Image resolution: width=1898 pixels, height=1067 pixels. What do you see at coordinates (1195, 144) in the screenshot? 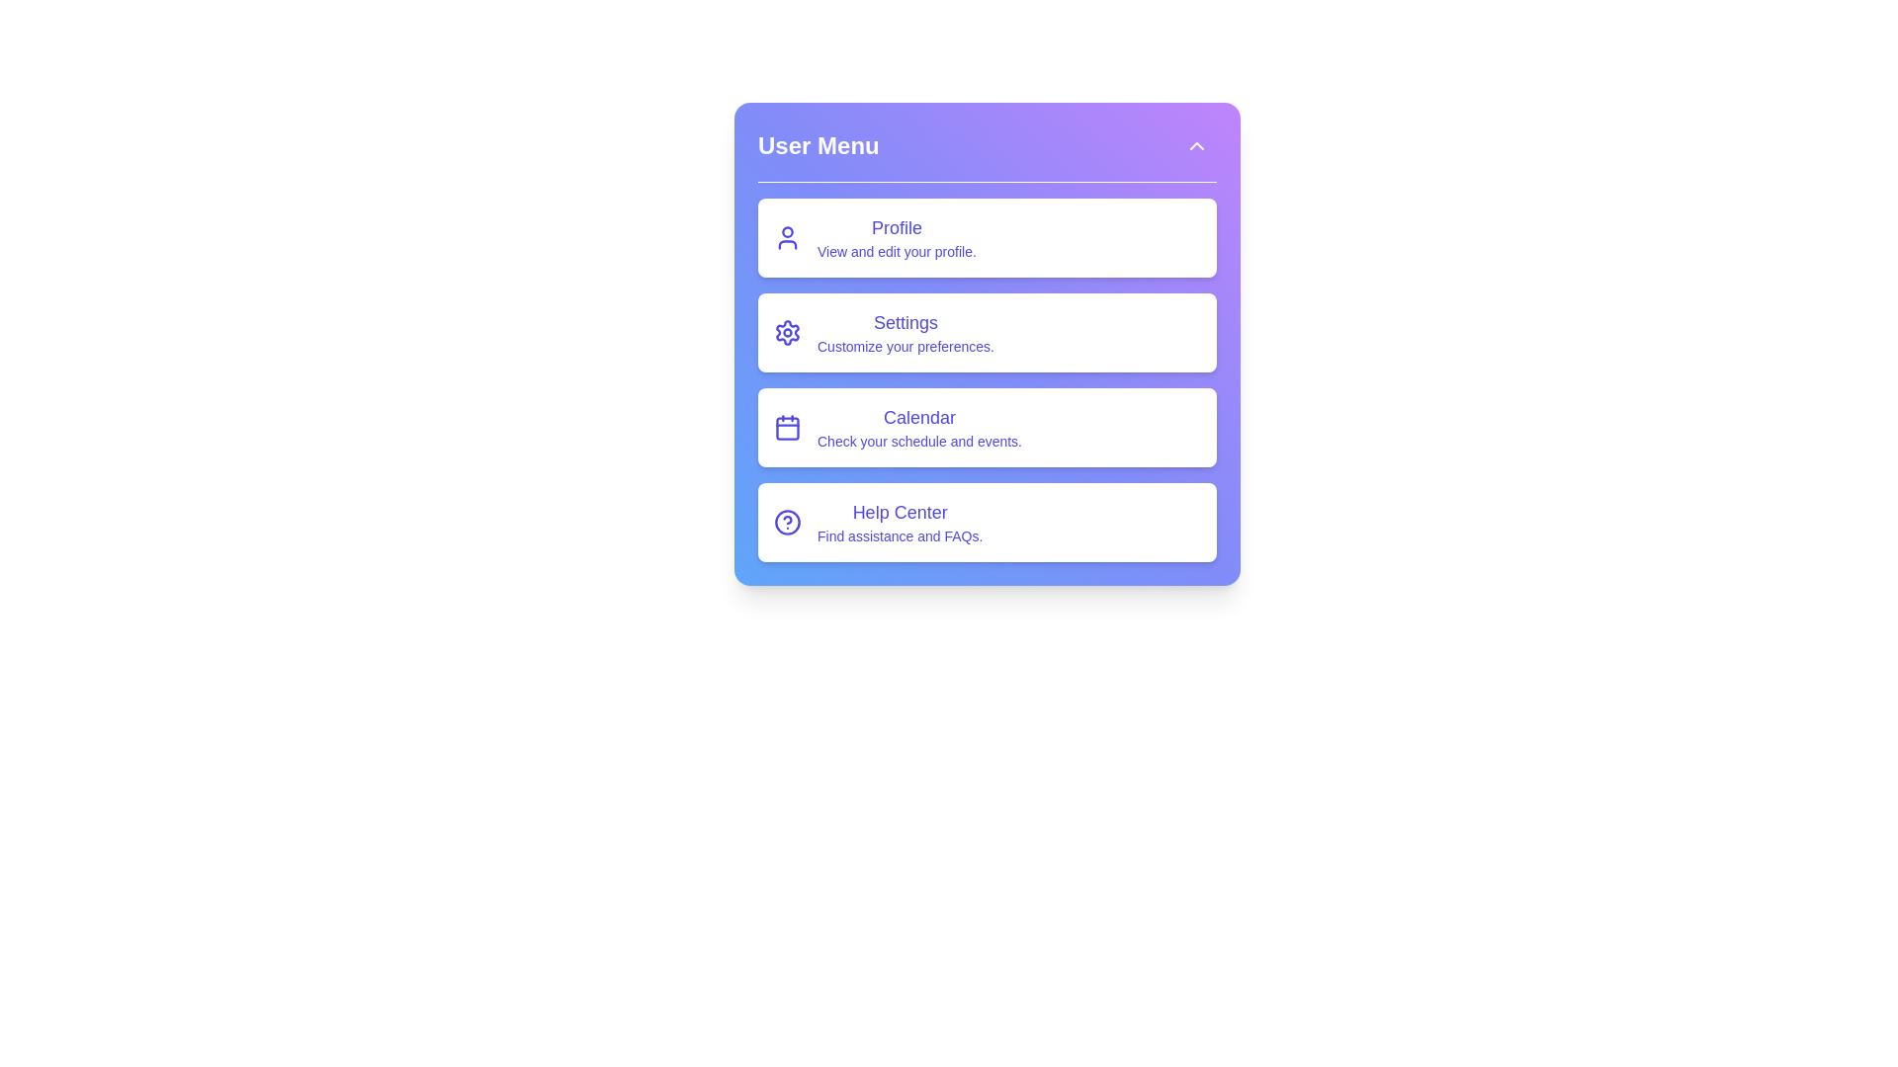
I see `toggle button to expand or collapse the menu` at bounding box center [1195, 144].